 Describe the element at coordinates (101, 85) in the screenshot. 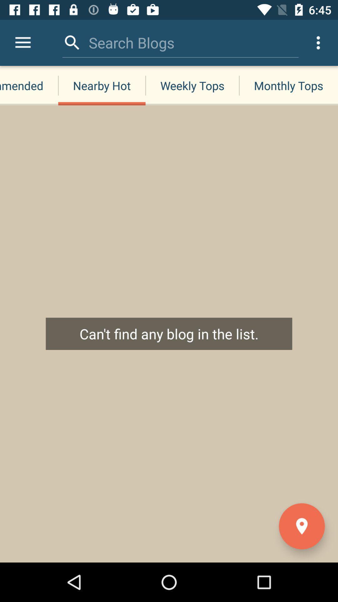

I see `icon next to the recommended` at that location.